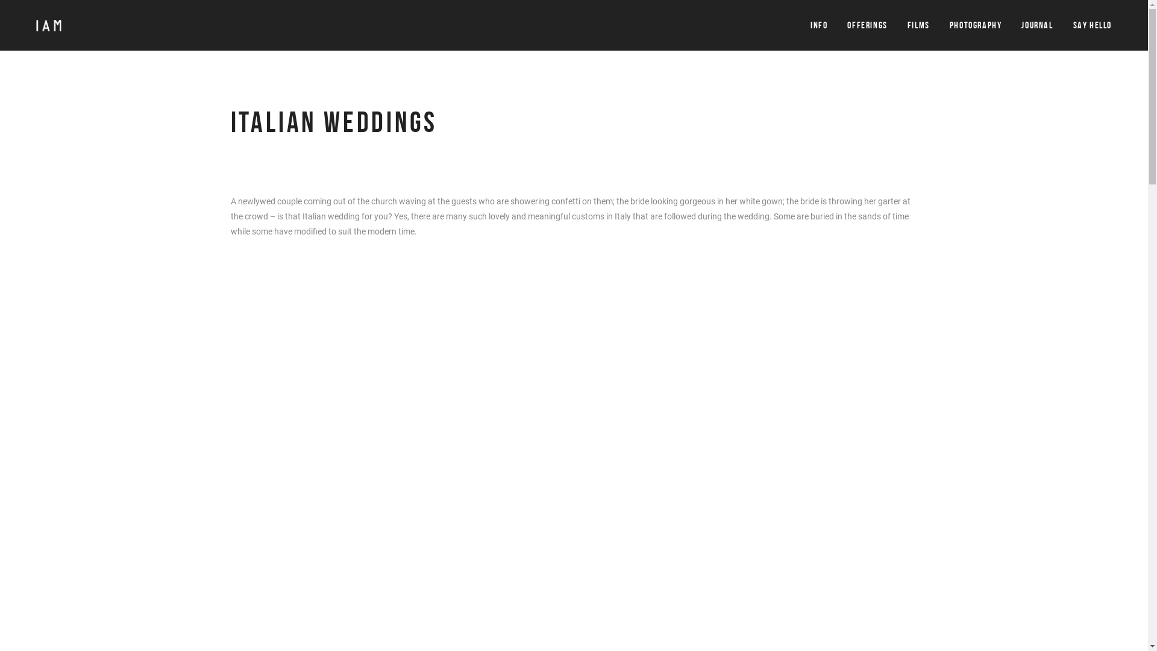  I want to click on 'OFFERINGS', so click(867, 25).